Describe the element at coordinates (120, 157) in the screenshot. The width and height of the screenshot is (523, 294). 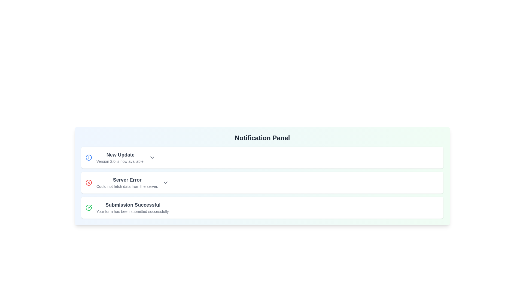
I see `information displayed in the 'New Update' Text block within the Notification Panel, which includes the message 'Version 2.0 is now available.'` at that location.